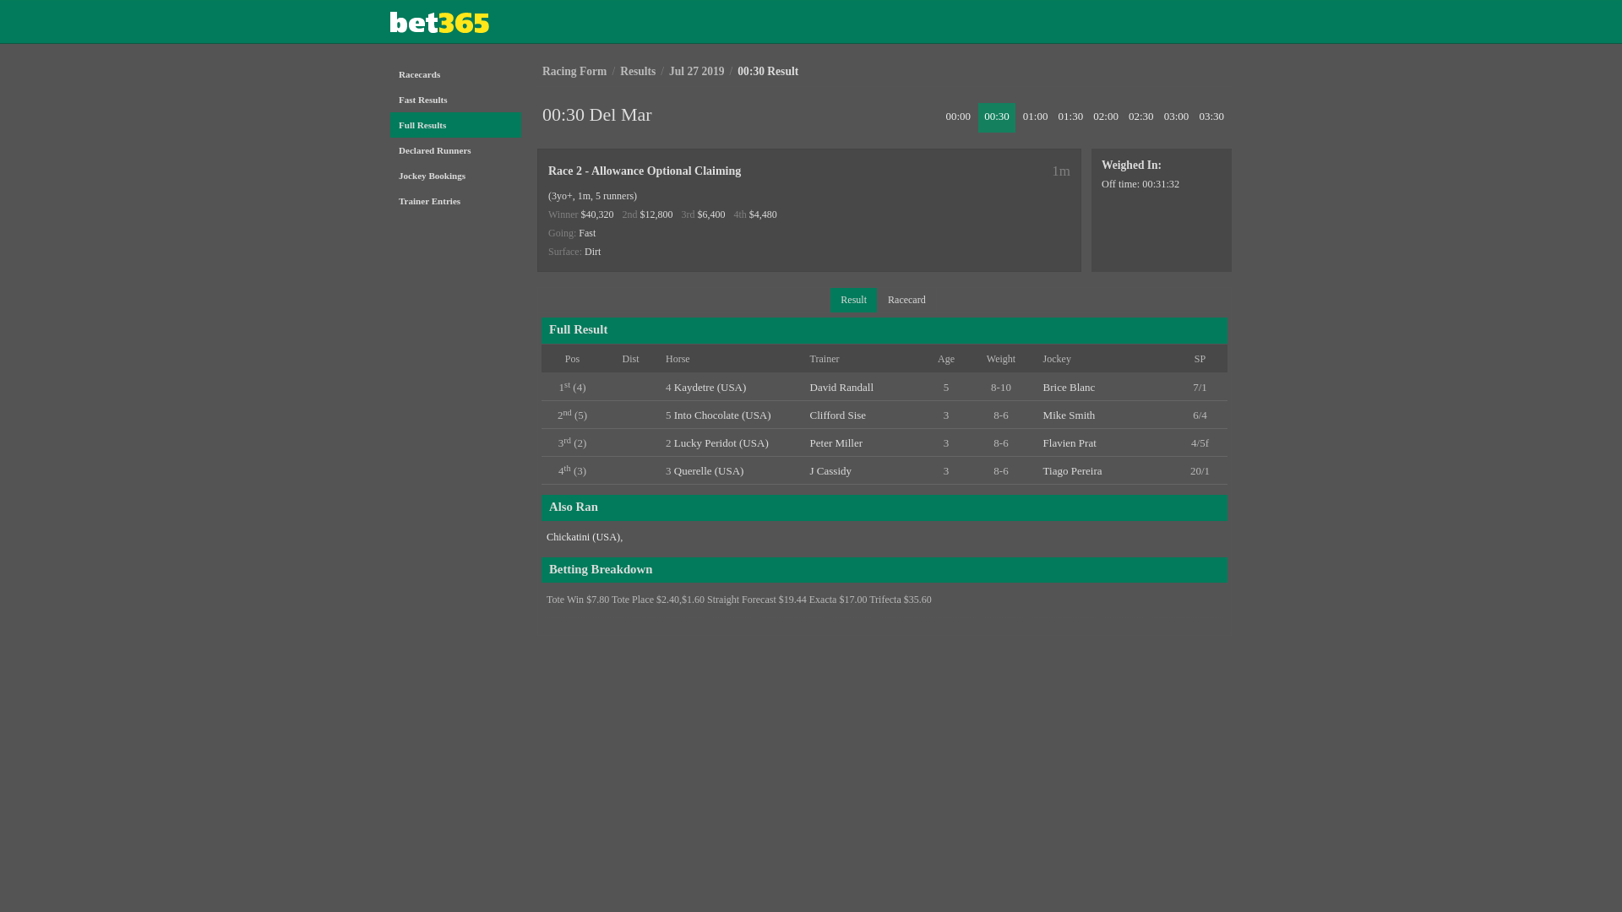 The width and height of the screenshot is (1622, 912). I want to click on 'Brice Blanc', so click(1069, 387).